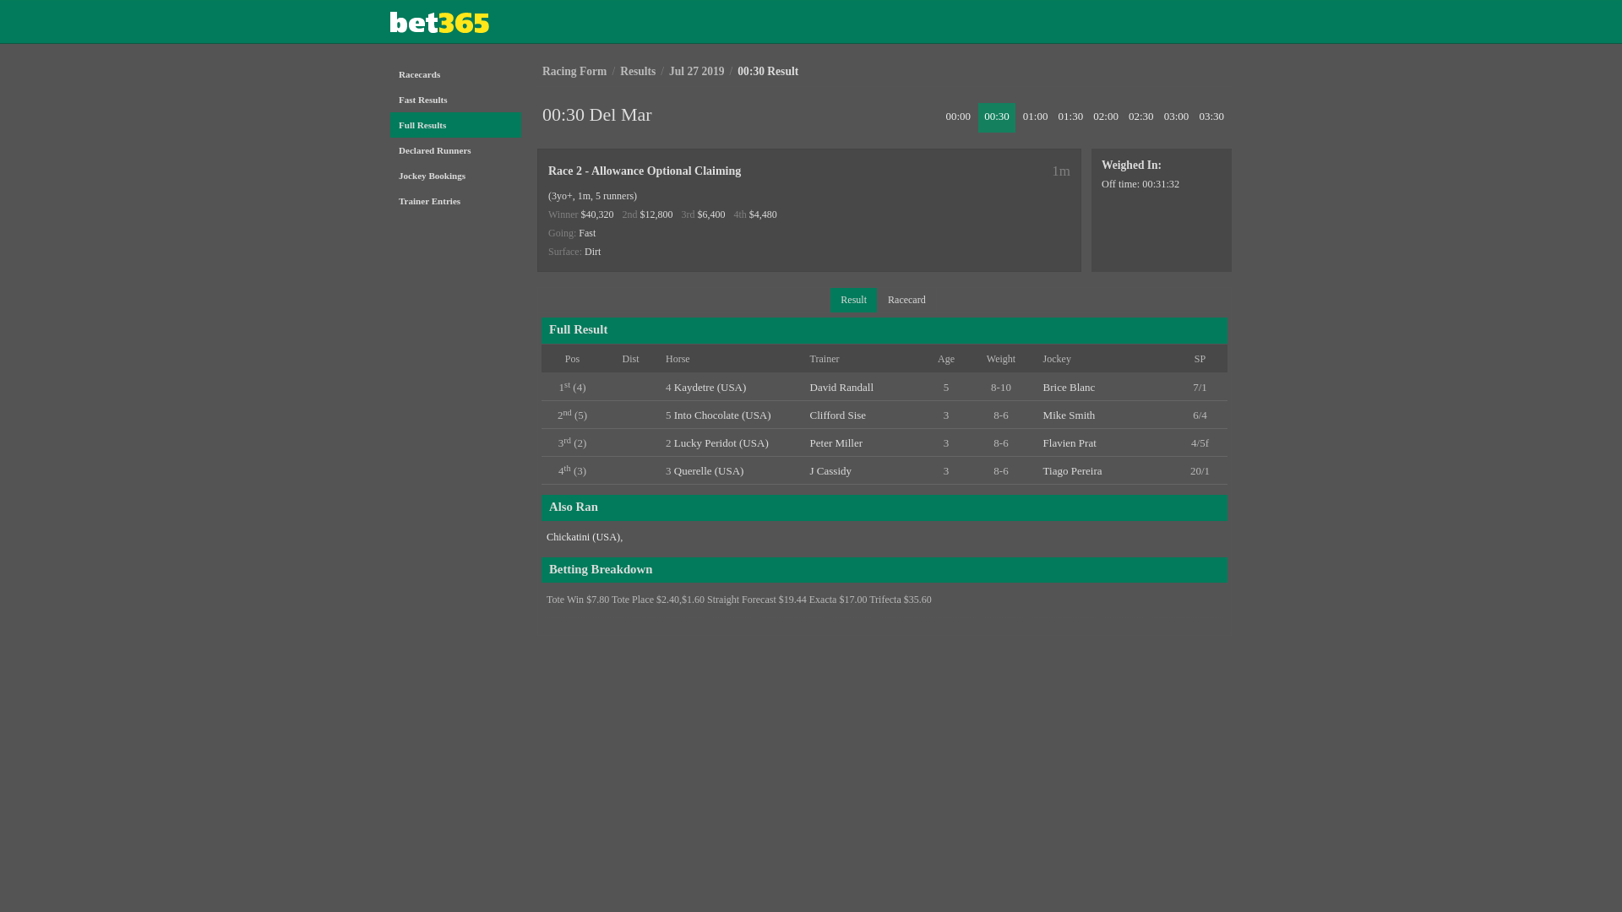 The width and height of the screenshot is (1622, 912). I want to click on 'Brice Blanc', so click(1069, 387).